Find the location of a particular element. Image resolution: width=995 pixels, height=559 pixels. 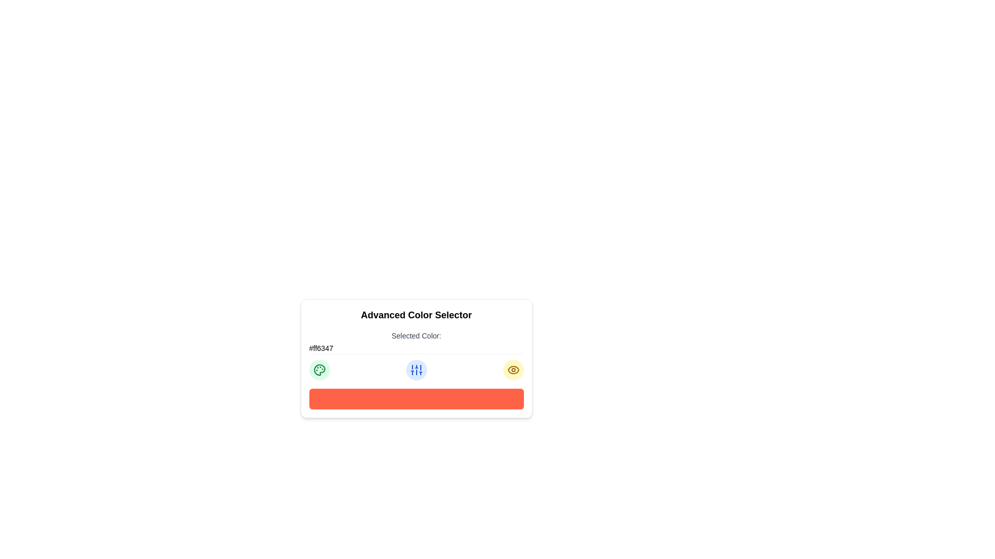

the text label displaying 'Selected Color:' which is aligned to the left and located above the input field for color value '#ff6347' is located at coordinates (416, 342).